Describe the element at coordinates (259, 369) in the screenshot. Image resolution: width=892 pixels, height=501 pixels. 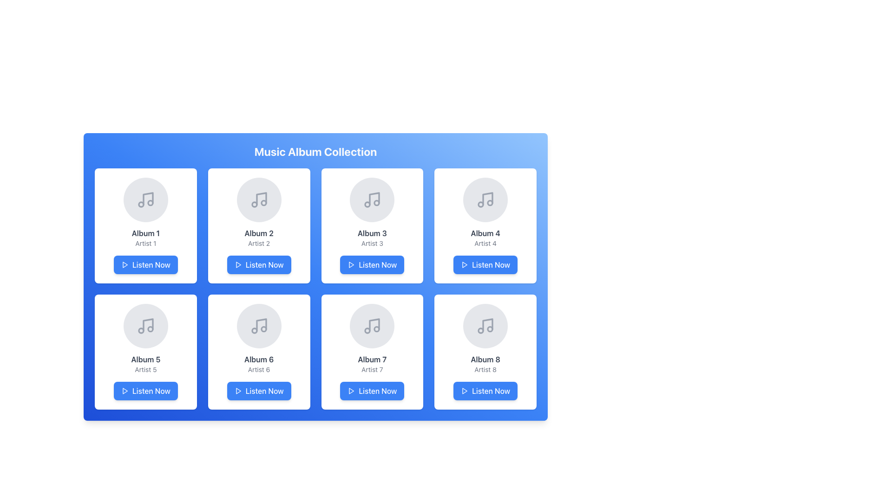
I see `the text label displaying the artist's name for 'Album 6', located in the sixth card of the music album grid, positioned below the 'Album 6' label and above the 'Listen Now' button` at that location.